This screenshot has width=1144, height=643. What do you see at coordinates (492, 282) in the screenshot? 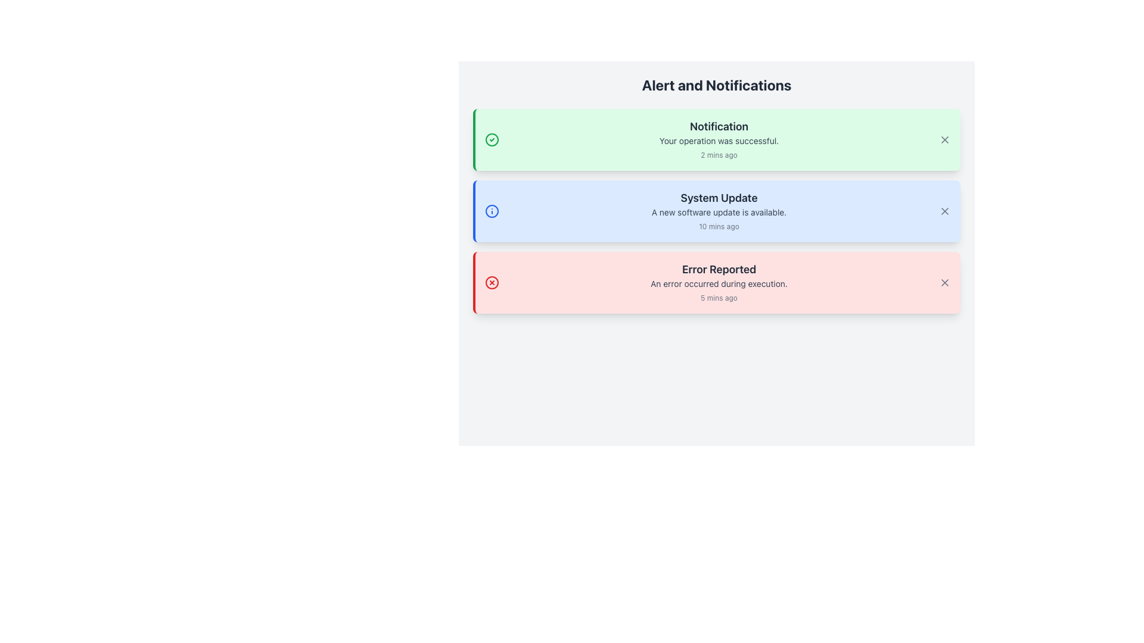
I see `the circular graphic component of the red error icon located in the bottom notification card to trigger visual feedback` at bounding box center [492, 282].